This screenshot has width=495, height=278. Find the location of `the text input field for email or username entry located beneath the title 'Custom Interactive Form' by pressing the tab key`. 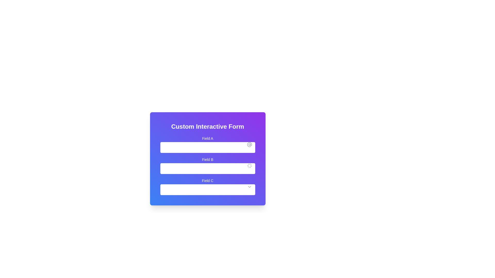

the text input field for email or username entry located beneath the title 'Custom Interactive Form' by pressing the tab key is located at coordinates (208, 144).